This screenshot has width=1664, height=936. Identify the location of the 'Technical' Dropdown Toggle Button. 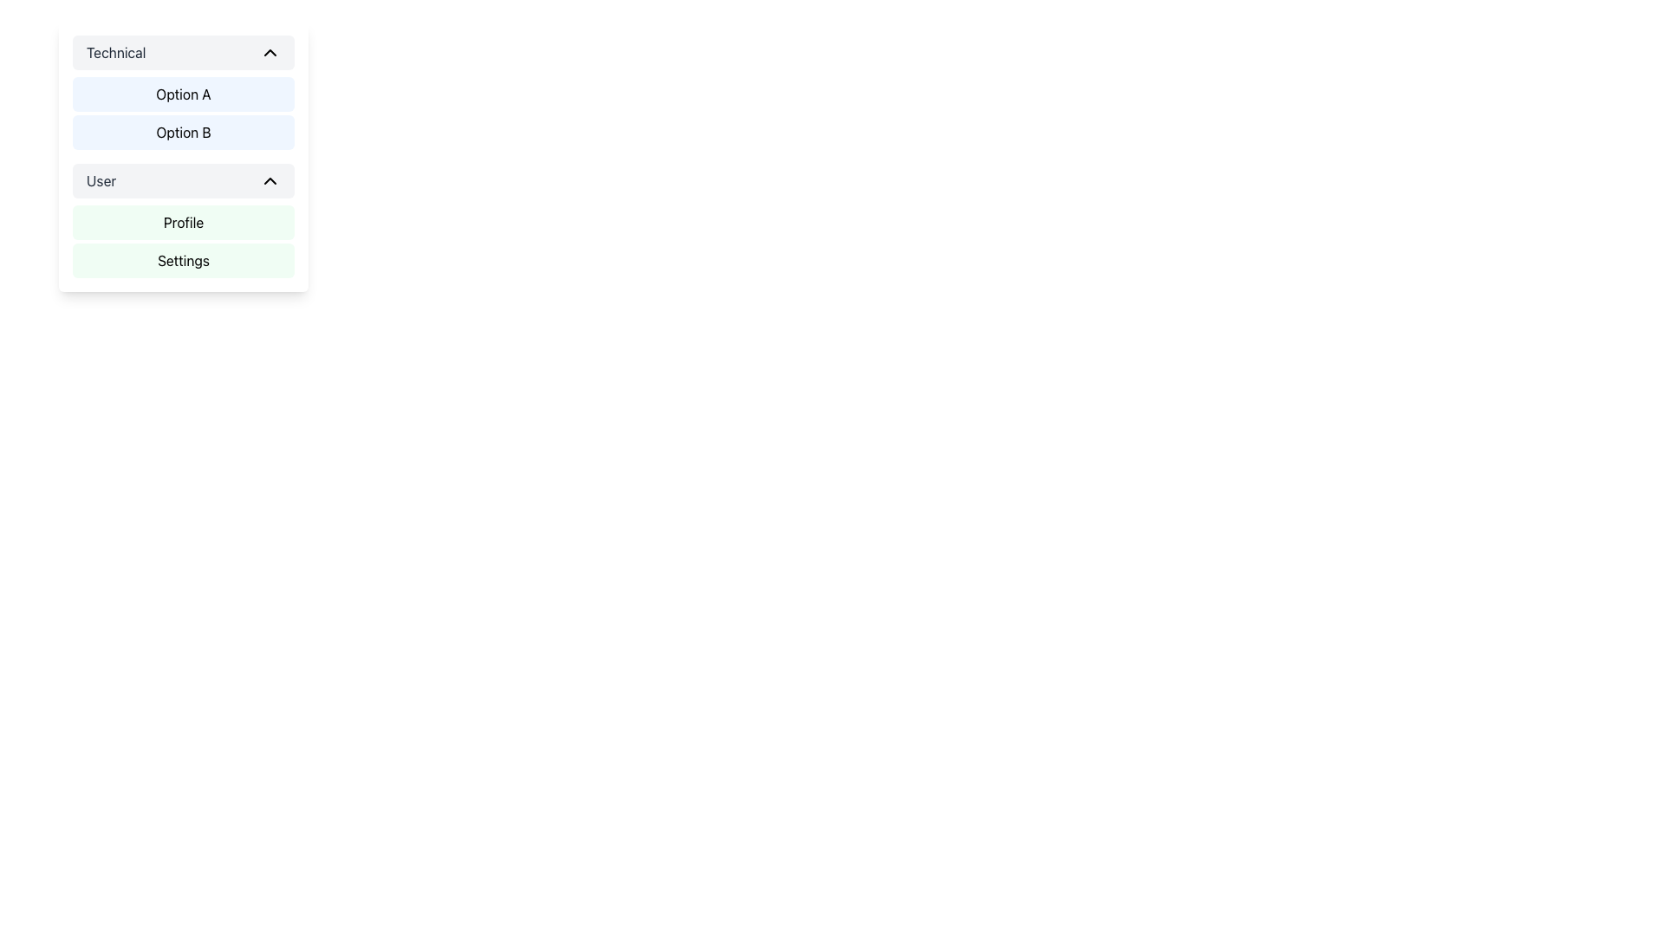
(183, 52).